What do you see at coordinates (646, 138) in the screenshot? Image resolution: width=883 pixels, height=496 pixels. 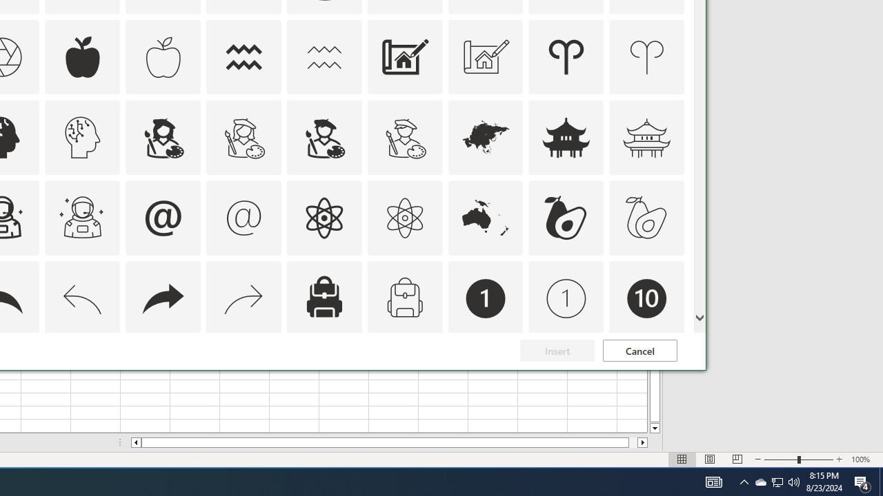 I see `'AutomationID: Icons_AsianTemple_M'` at bounding box center [646, 138].